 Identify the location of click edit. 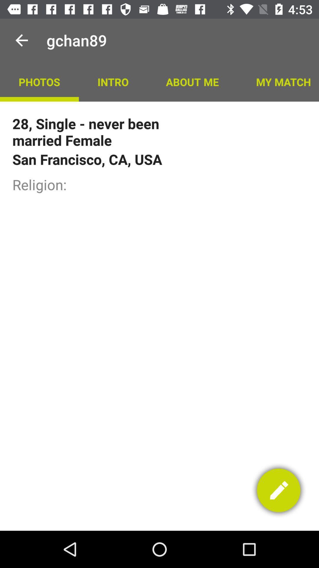
(279, 490).